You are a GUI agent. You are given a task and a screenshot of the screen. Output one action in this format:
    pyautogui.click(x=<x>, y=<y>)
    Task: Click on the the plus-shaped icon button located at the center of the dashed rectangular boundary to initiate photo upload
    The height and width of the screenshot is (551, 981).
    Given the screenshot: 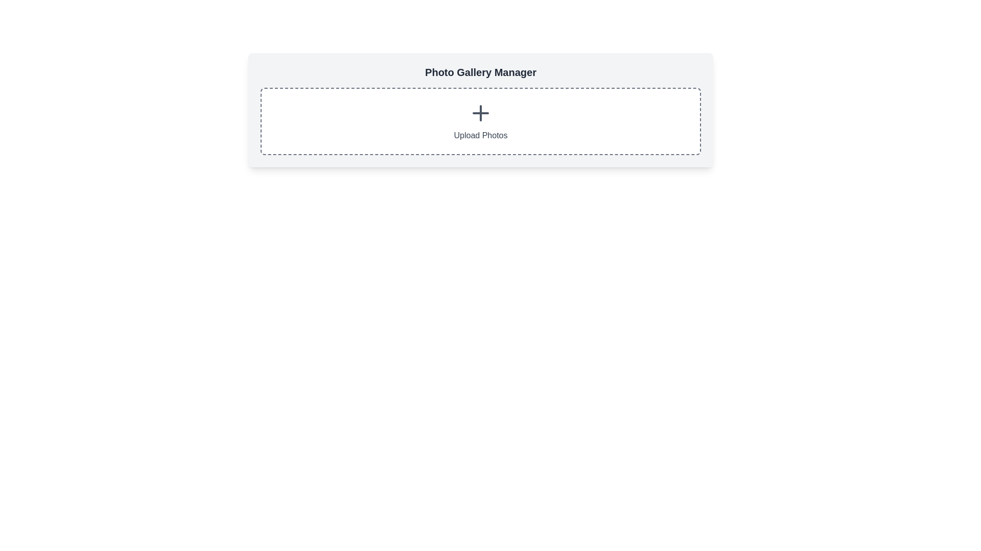 What is the action you would take?
    pyautogui.click(x=480, y=113)
    